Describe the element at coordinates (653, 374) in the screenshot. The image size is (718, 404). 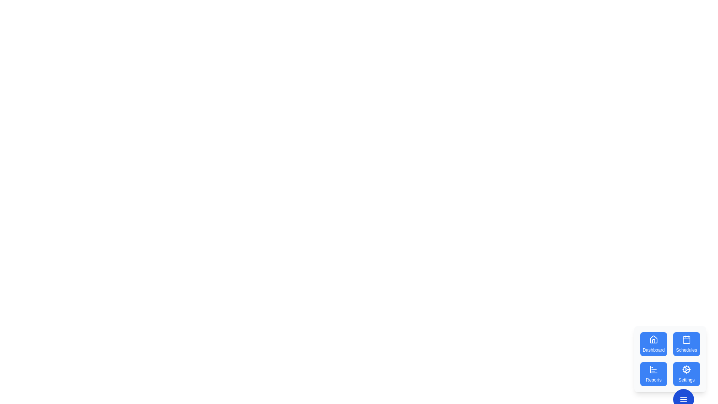
I see `the Reports button to select the corresponding action` at that location.